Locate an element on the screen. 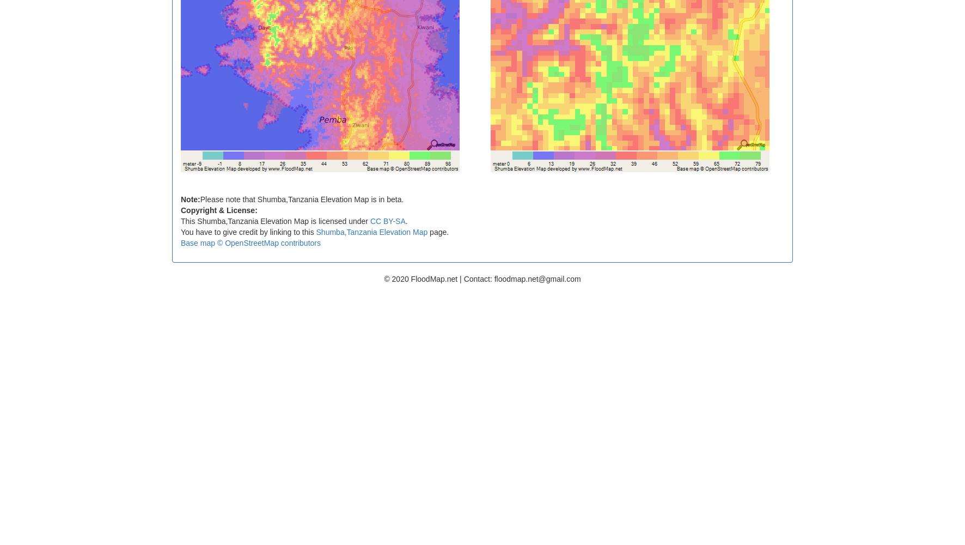 Image resolution: width=965 pixels, height=545 pixels. 'You have to give credit by linking to this' is located at coordinates (247, 232).